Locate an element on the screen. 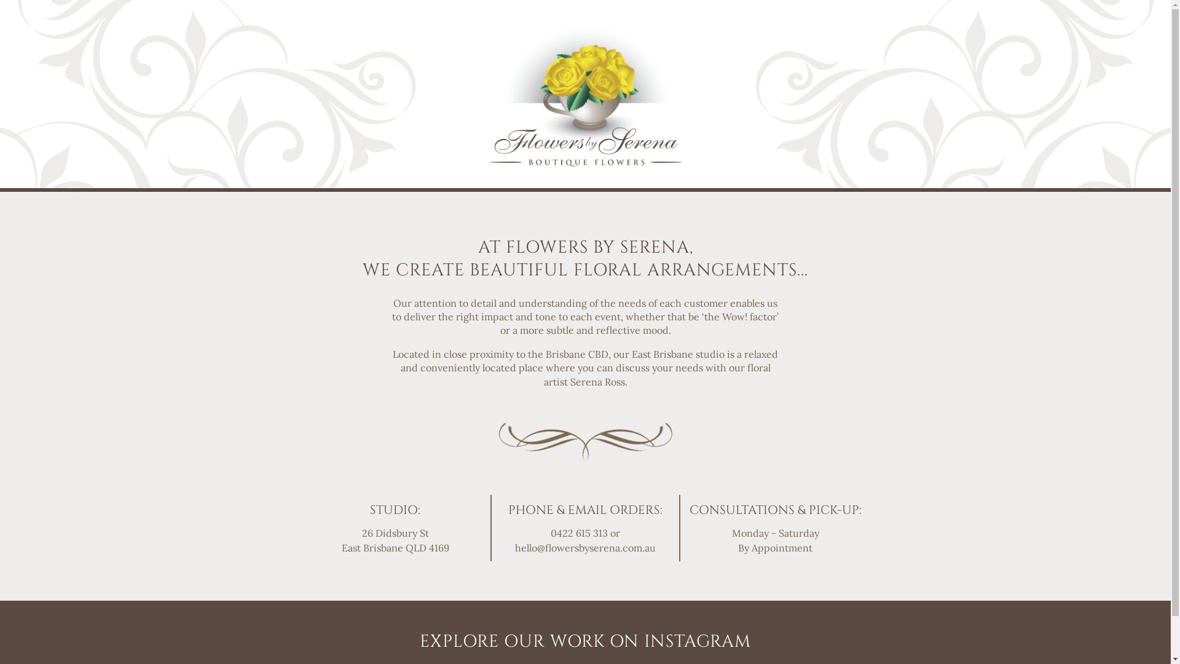 The width and height of the screenshot is (1180, 664). 'hello@flowersbyserena.com.au' is located at coordinates (584, 547).